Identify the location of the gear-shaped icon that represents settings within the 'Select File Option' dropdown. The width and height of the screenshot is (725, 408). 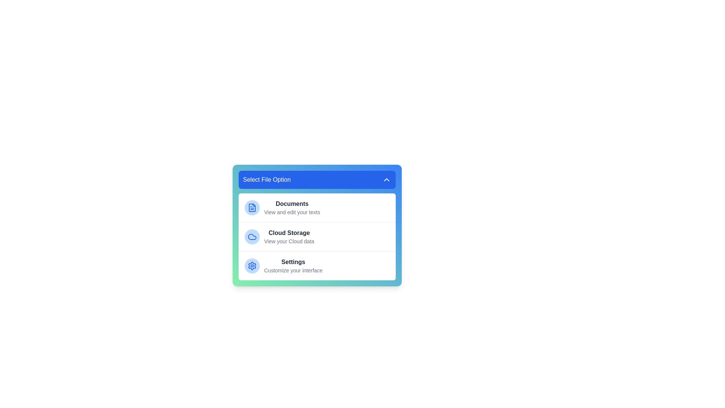
(252, 266).